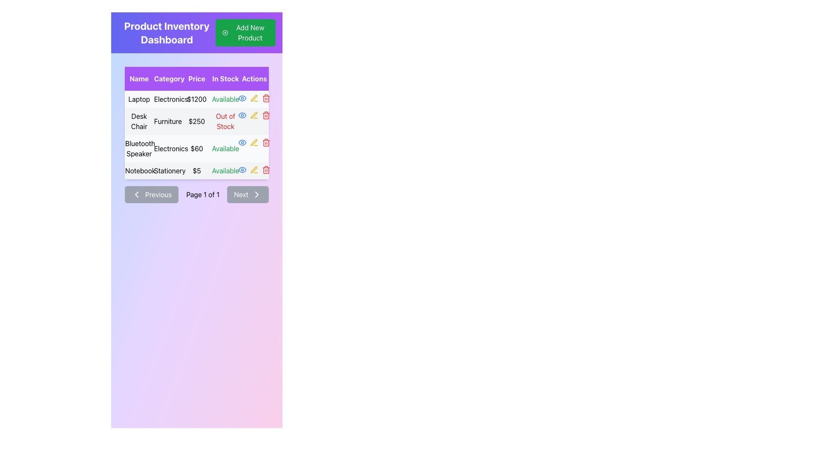 This screenshot has width=818, height=460. What do you see at coordinates (266, 170) in the screenshot?
I see `the red trash can icon button located at the far right of the last row of action icons` at bounding box center [266, 170].